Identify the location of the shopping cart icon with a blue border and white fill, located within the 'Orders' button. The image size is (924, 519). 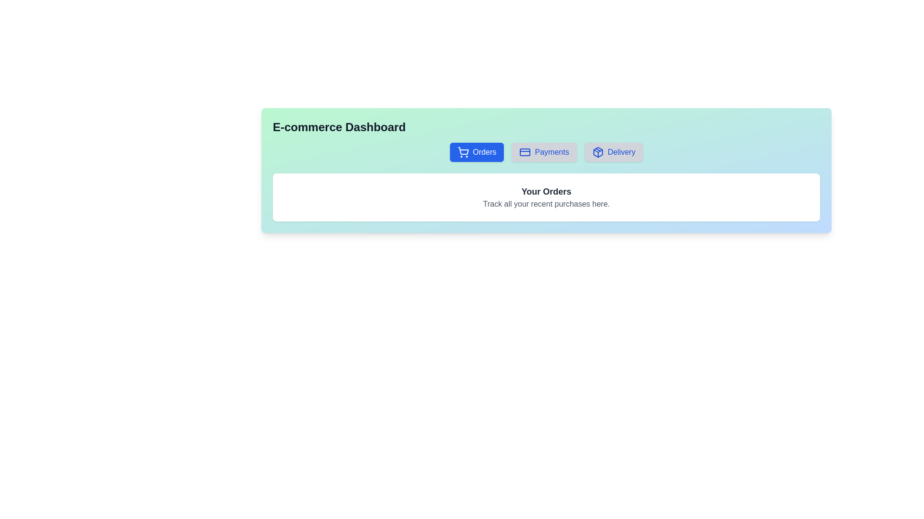
(463, 151).